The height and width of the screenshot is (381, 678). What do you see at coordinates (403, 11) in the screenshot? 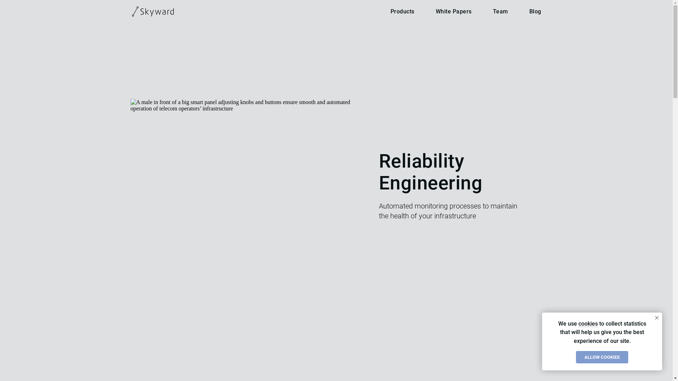
I see `'Products'` at bounding box center [403, 11].